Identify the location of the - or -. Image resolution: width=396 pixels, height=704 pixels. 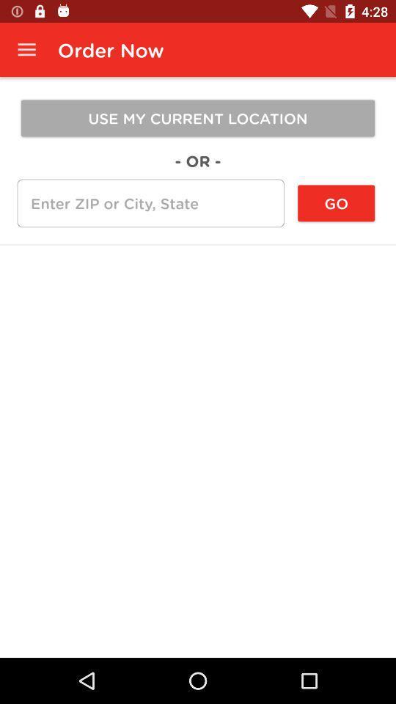
(198, 161).